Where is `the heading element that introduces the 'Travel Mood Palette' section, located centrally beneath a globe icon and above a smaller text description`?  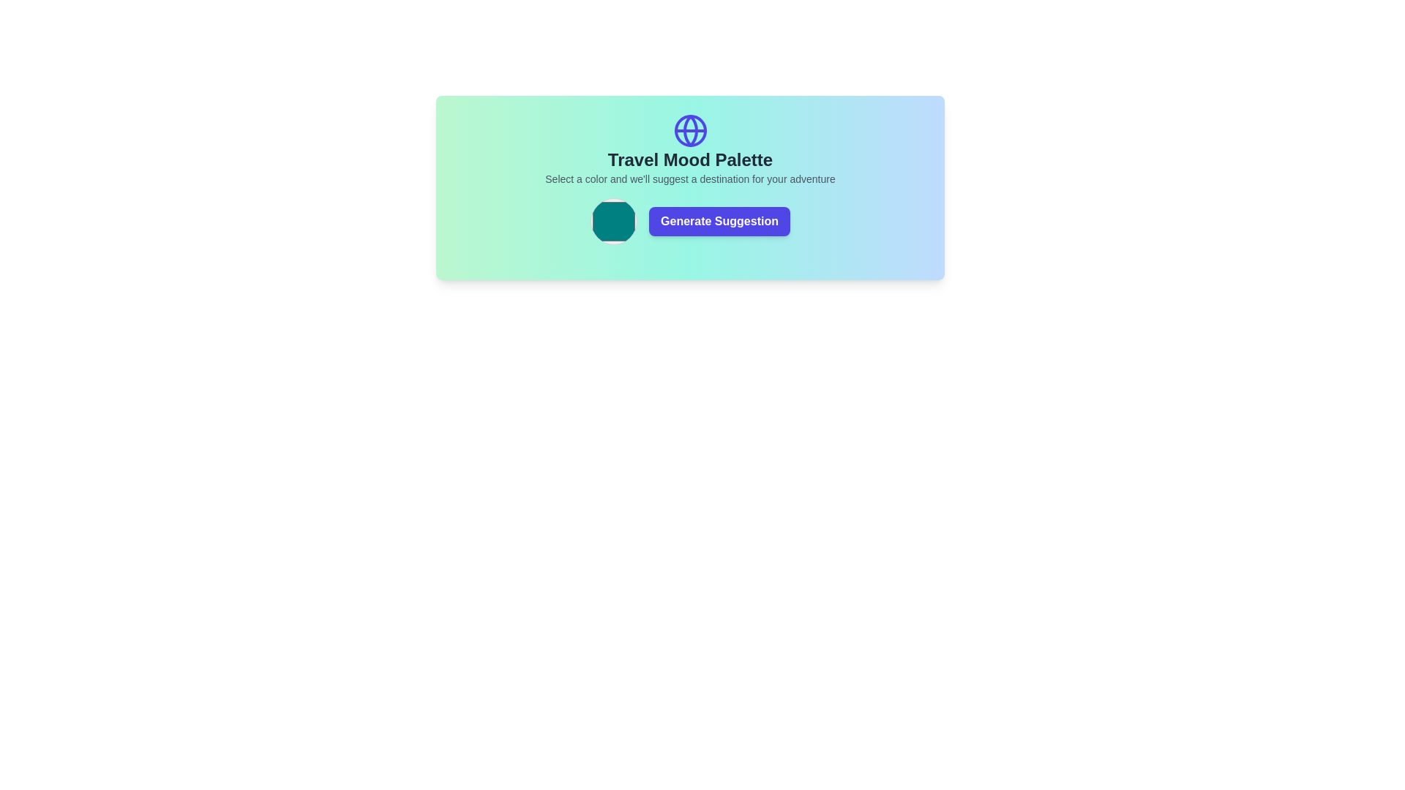
the heading element that introduces the 'Travel Mood Palette' section, located centrally beneath a globe icon and above a smaller text description is located at coordinates (689, 160).